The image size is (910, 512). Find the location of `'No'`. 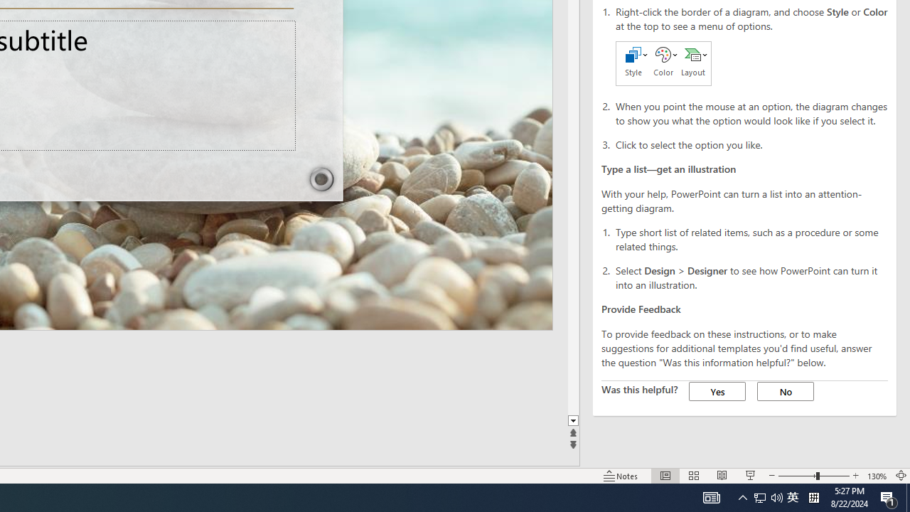

'No' is located at coordinates (785, 391).